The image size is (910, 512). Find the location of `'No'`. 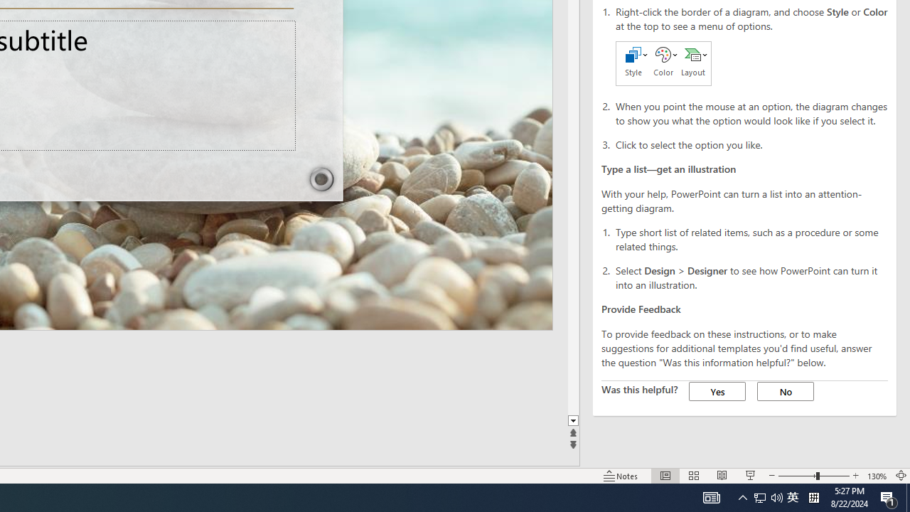

'No' is located at coordinates (785, 391).